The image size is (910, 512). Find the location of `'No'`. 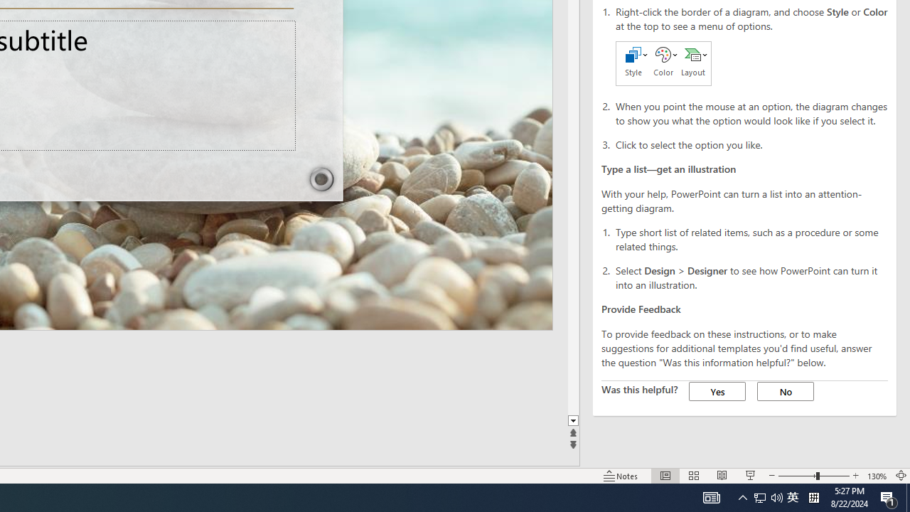

'No' is located at coordinates (785, 391).